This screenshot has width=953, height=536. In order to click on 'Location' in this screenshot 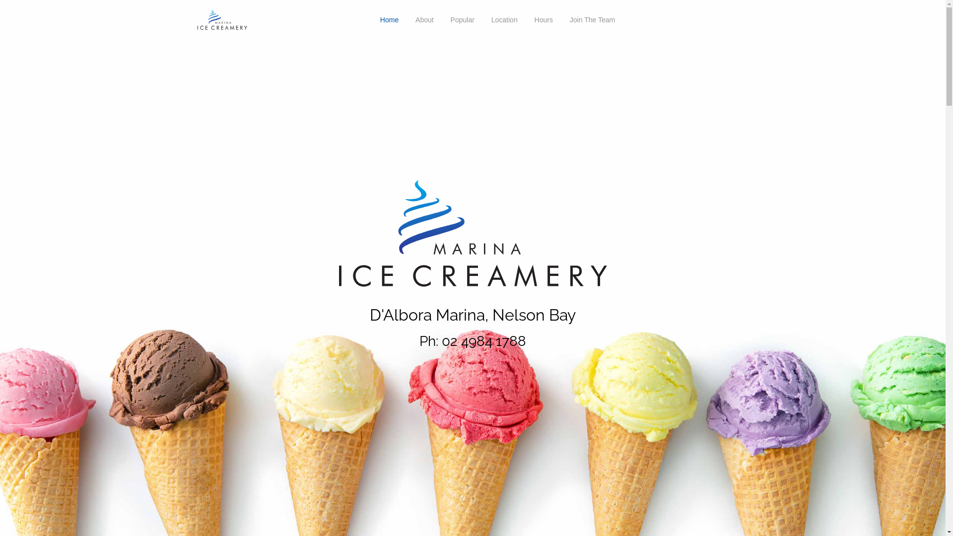, I will do `click(504, 19)`.